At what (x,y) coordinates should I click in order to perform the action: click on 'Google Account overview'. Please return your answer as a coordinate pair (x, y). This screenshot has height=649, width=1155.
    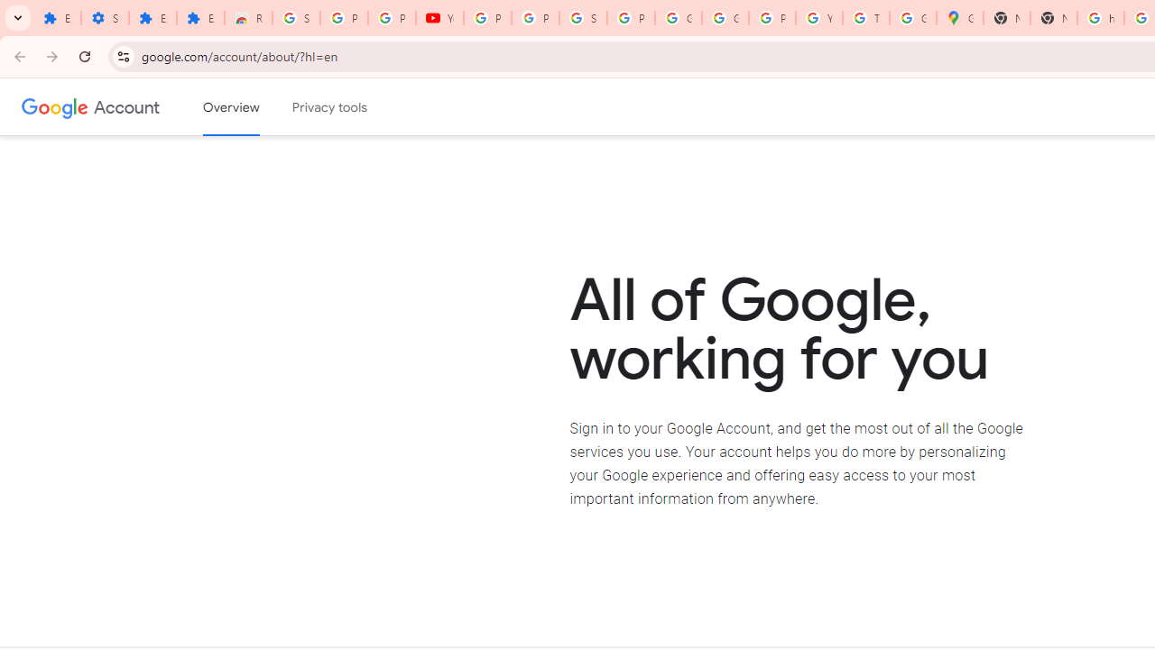
    Looking at the image, I should click on (230, 107).